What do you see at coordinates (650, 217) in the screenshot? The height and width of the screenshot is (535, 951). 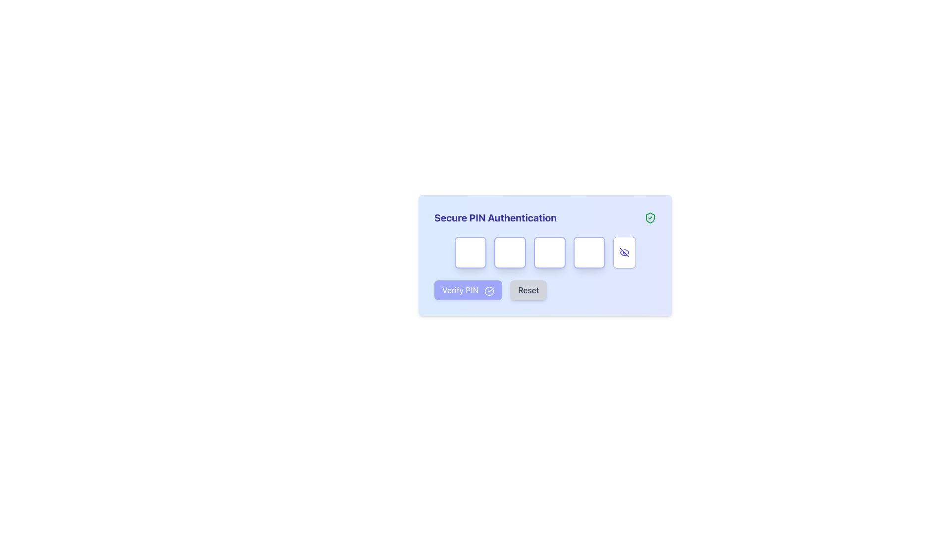 I see `the shield-shaped icon with a green outline and a checkmark inside, located in the top right corner of the 'Secure PIN Authentication' section` at bounding box center [650, 217].